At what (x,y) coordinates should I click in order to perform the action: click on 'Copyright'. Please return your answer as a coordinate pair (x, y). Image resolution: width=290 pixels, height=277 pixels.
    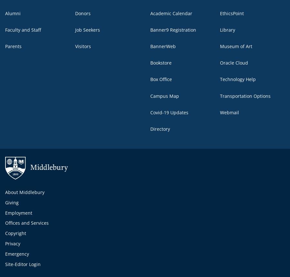
    Looking at the image, I should click on (15, 233).